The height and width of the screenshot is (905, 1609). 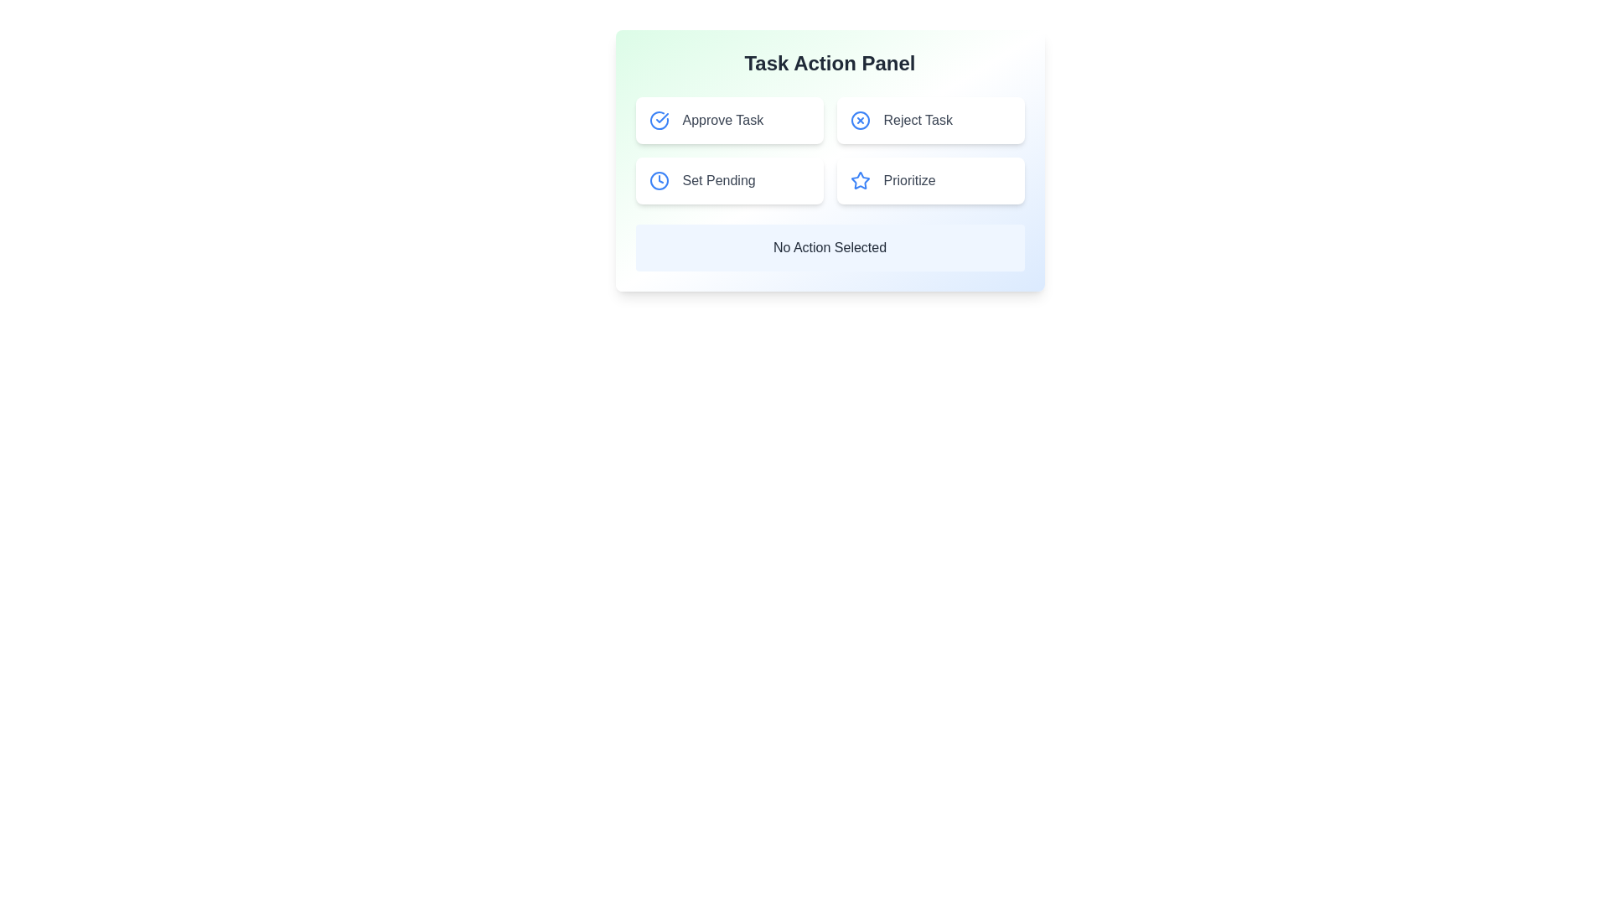 I want to click on the 'Reject Task' button which contains the SVG Circle Graphic, so click(x=860, y=119).